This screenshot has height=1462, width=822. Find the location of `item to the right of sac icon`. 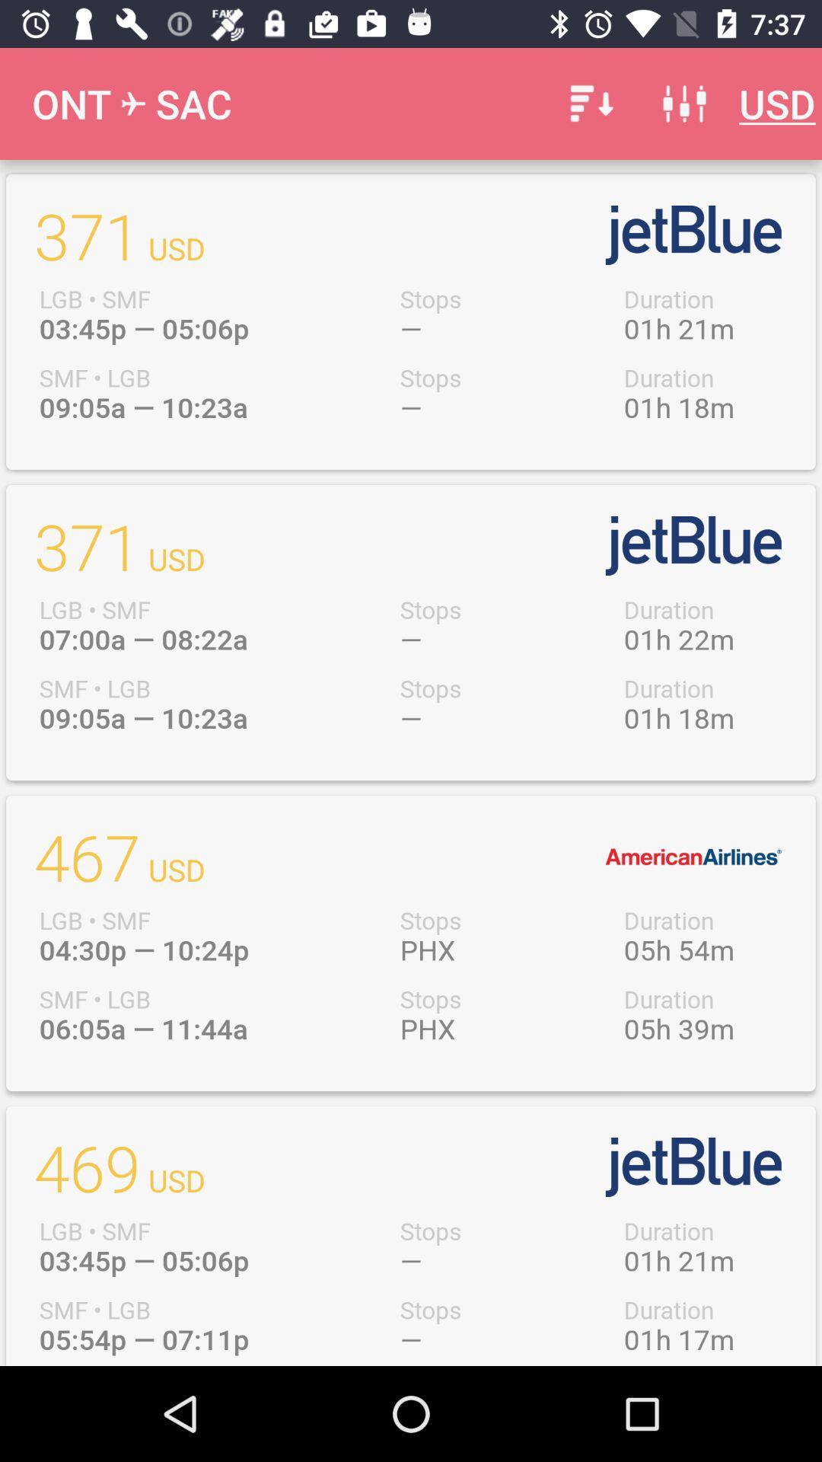

item to the right of sac icon is located at coordinates (588, 103).